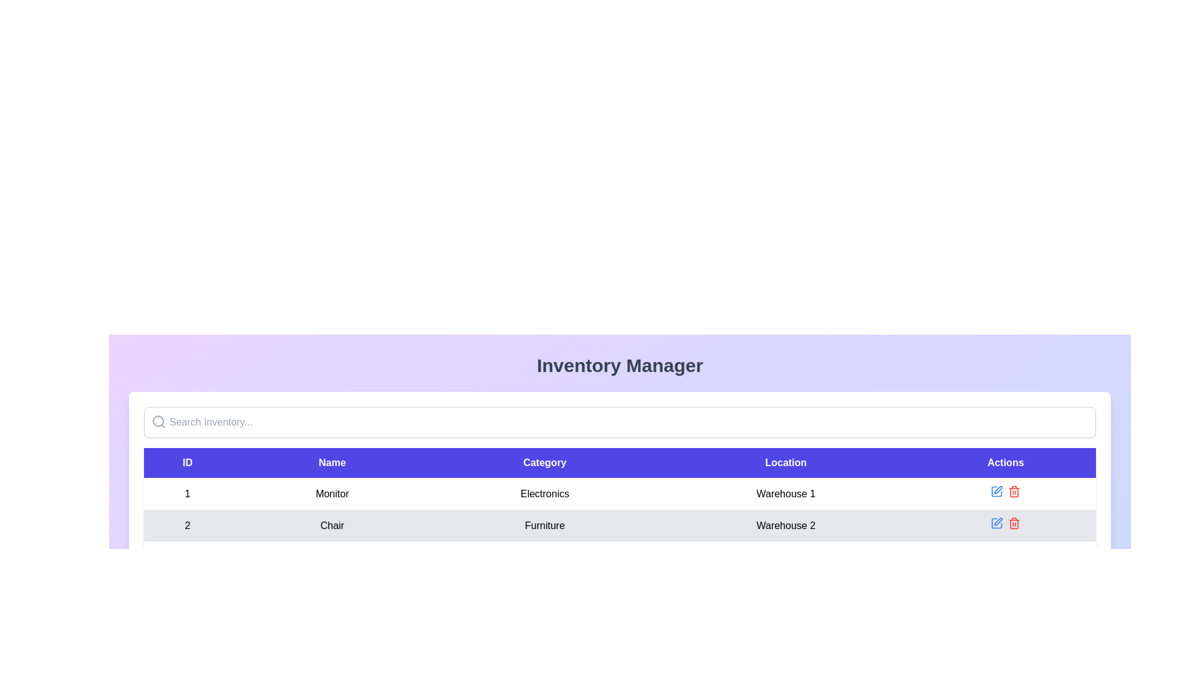 This screenshot has width=1197, height=673. Describe the element at coordinates (160, 595) in the screenshot. I see `the circular icon element located at the bottom of the interface, which is part of an SVG graphic` at that location.